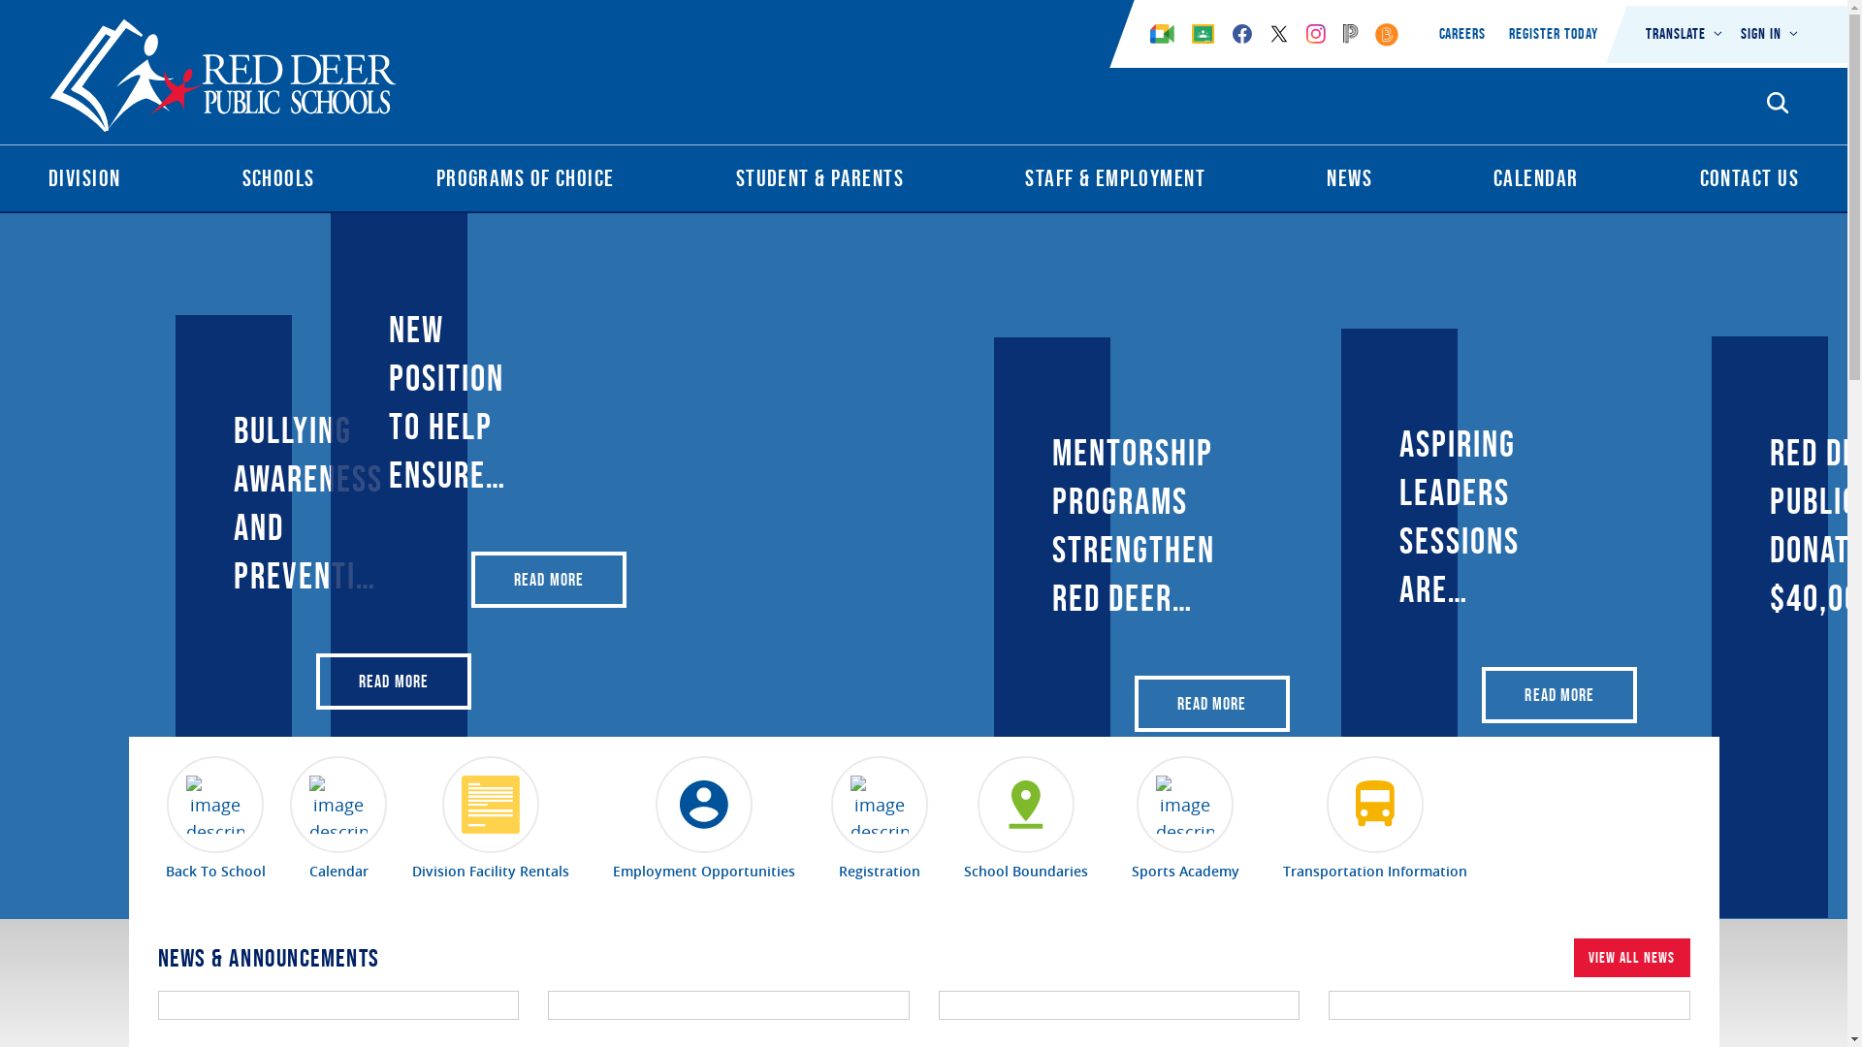  What do you see at coordinates (1462, 33) in the screenshot?
I see `'Careers'` at bounding box center [1462, 33].